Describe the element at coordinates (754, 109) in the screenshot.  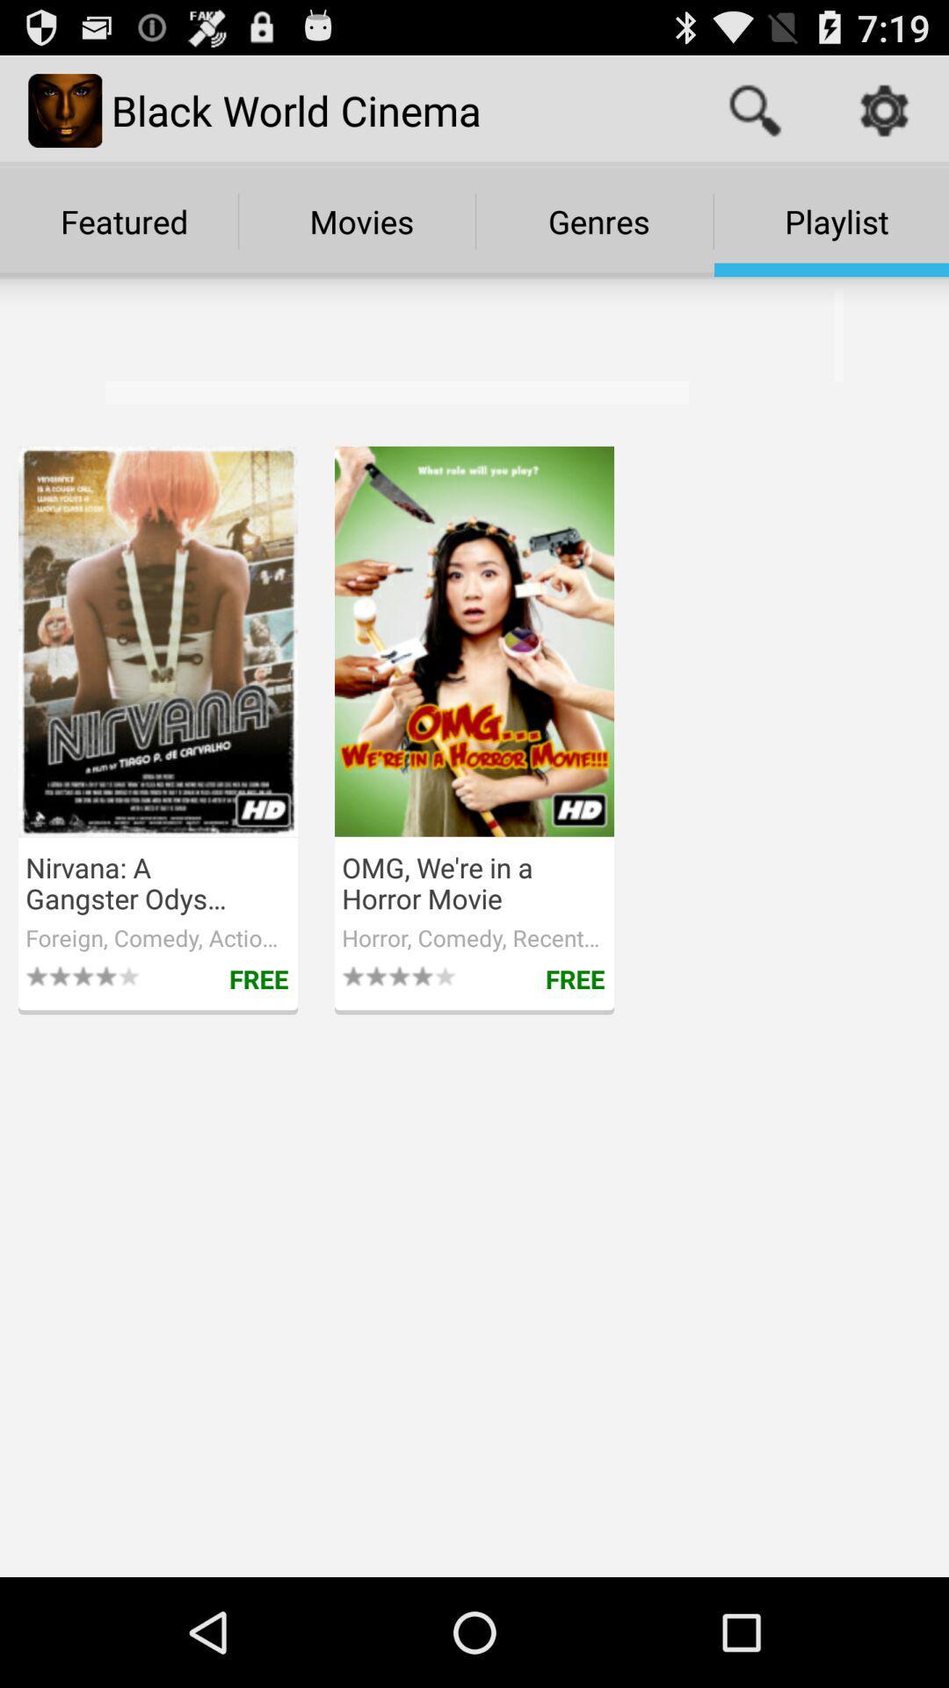
I see `the app above playlist item` at that location.